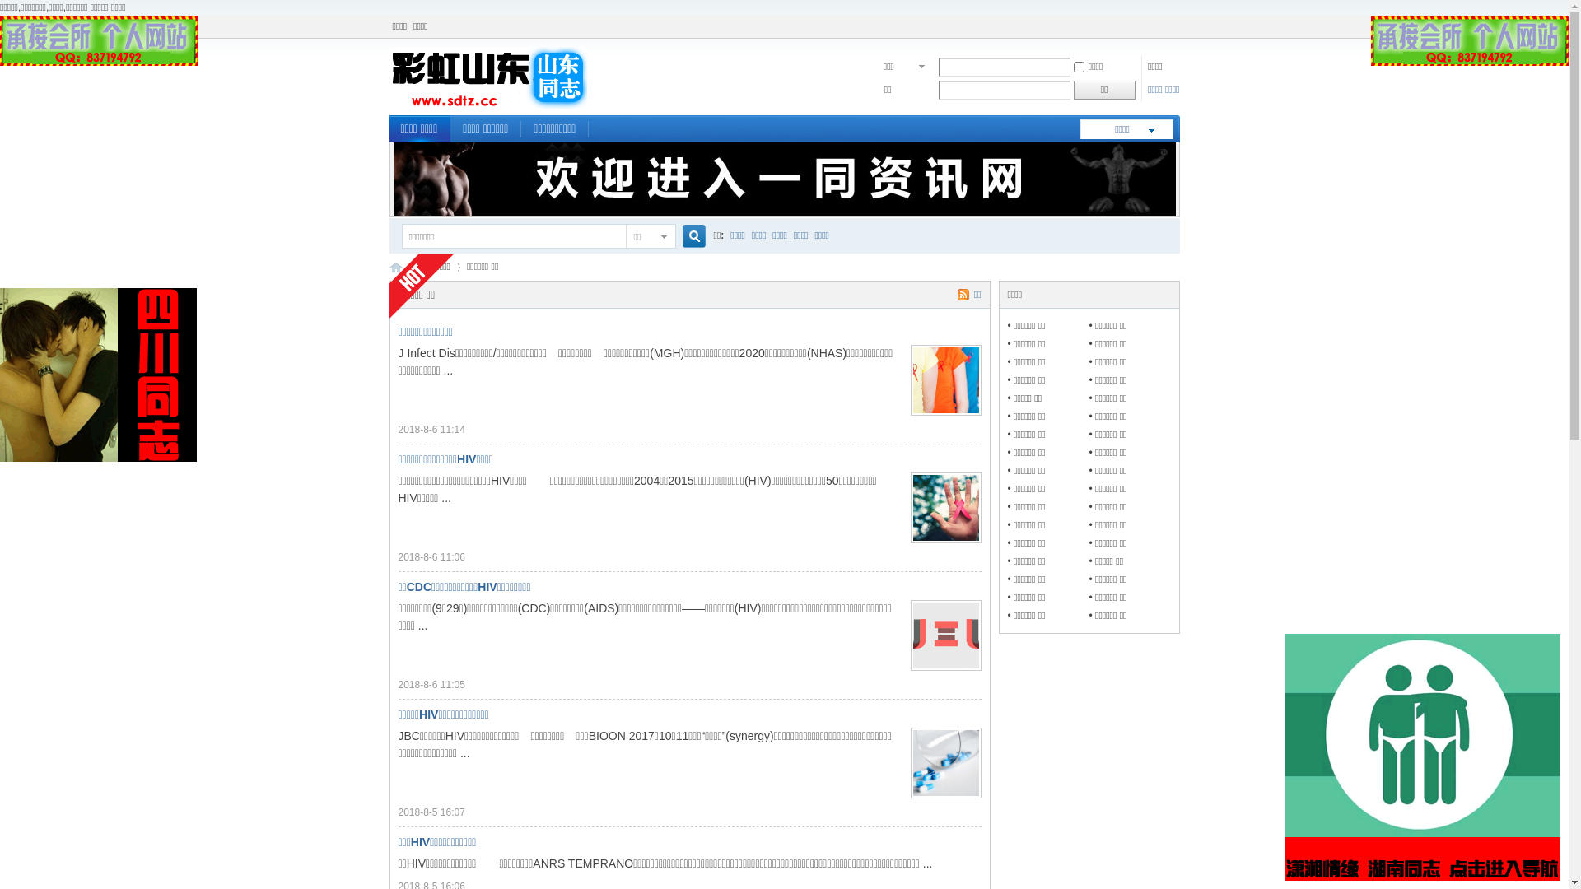 This screenshot has height=889, width=1581. Describe the element at coordinates (675, 236) in the screenshot. I see `'true'` at that location.